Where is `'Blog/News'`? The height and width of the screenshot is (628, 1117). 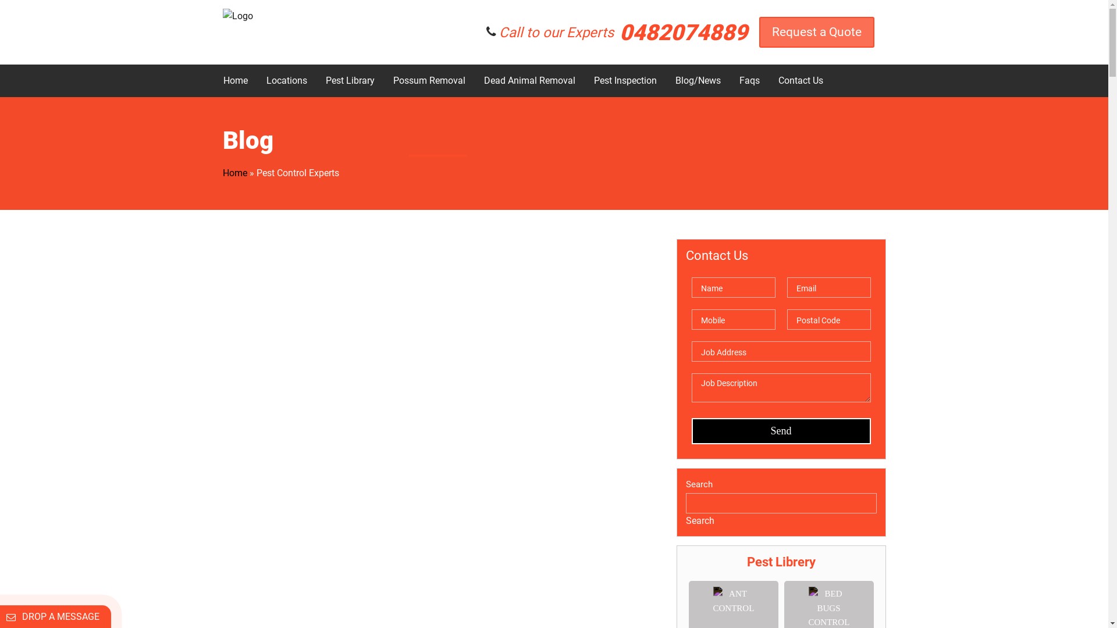 'Blog/News' is located at coordinates (698, 80).